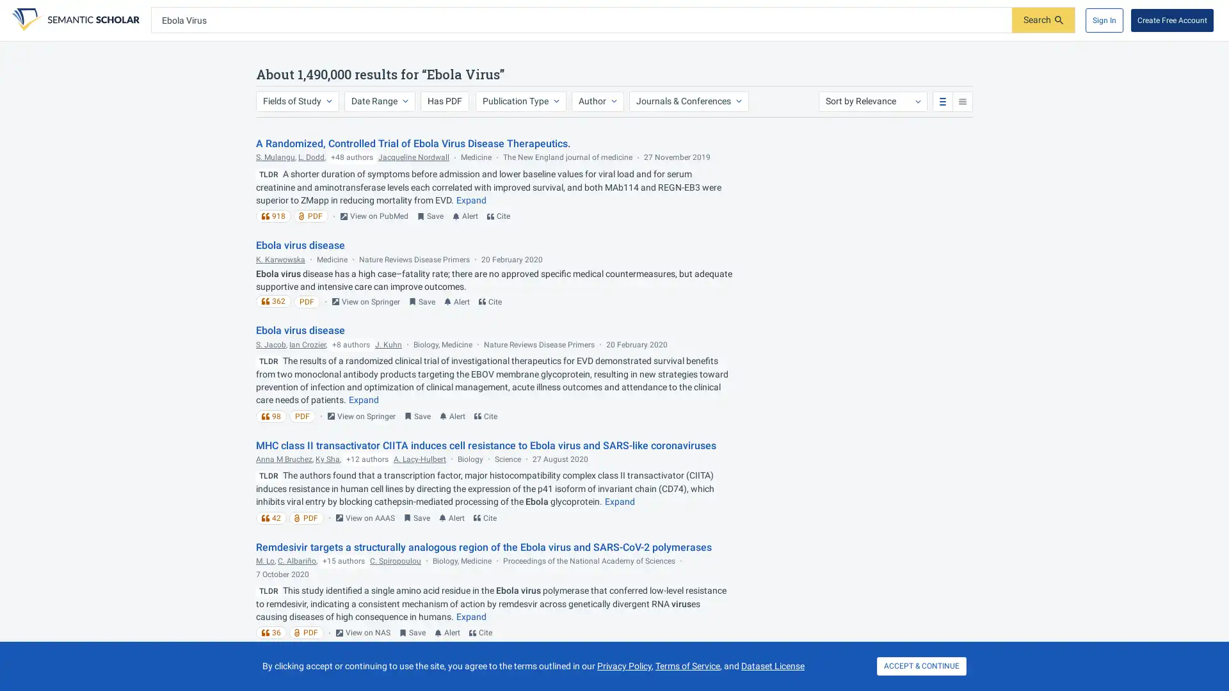 The width and height of the screenshot is (1229, 691). I want to click on Create Free Account, so click(1172, 20).